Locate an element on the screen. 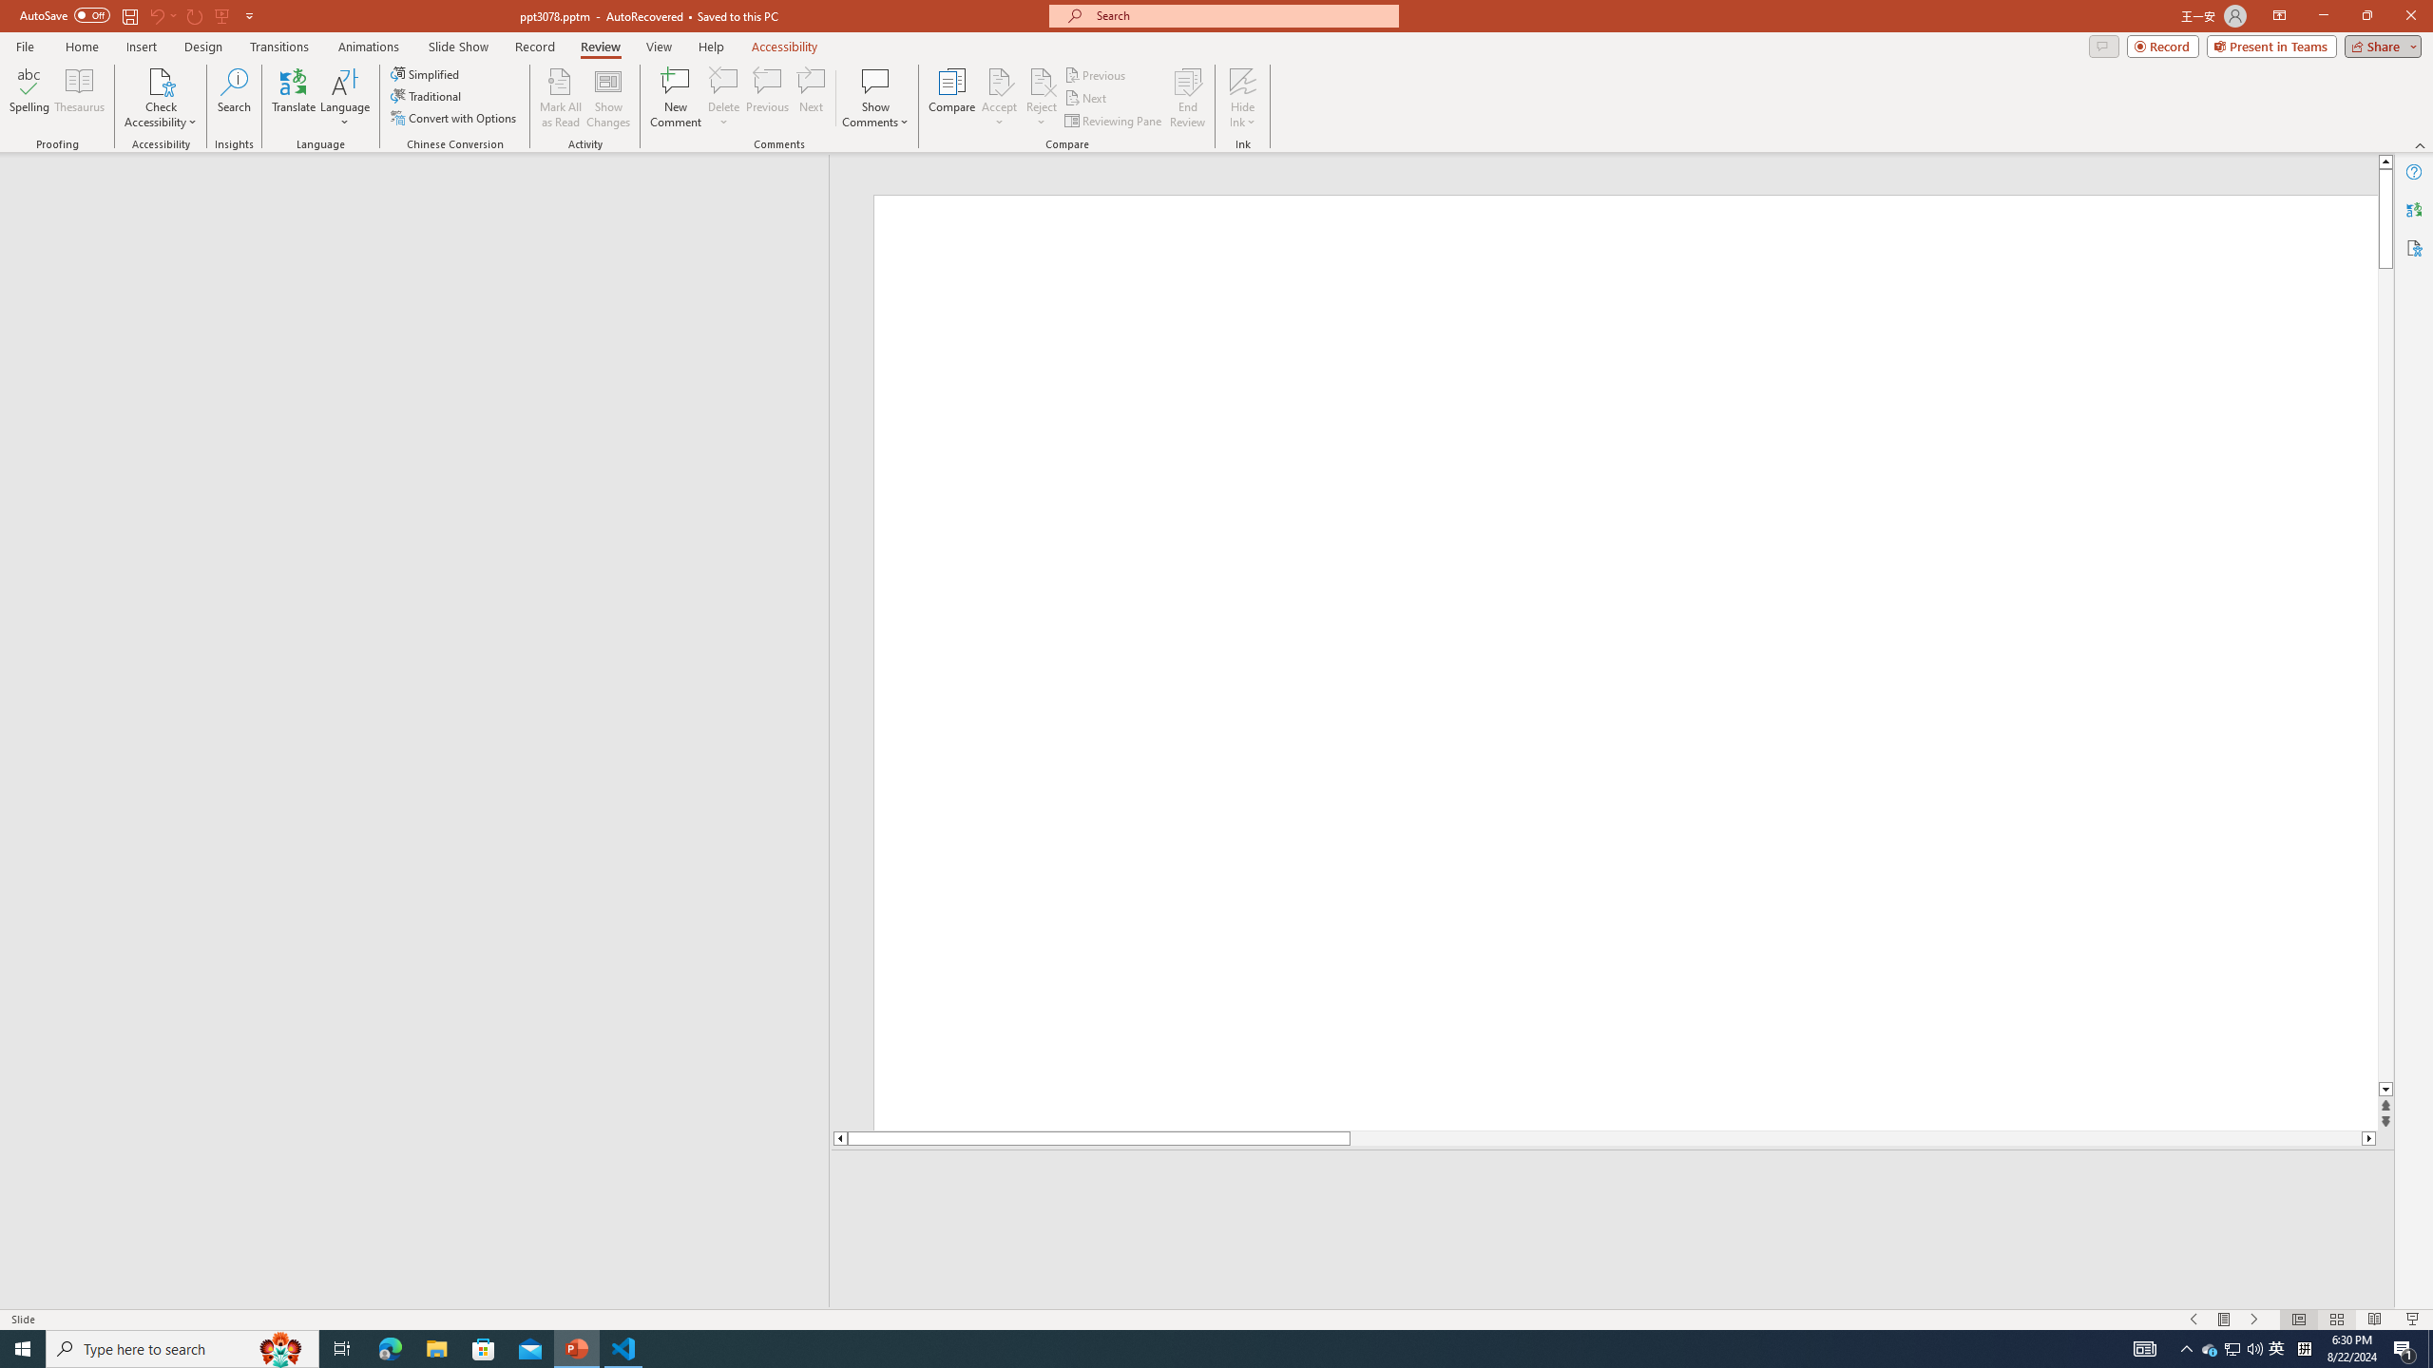 This screenshot has width=2433, height=1368. 'Outline' is located at coordinates (422, 192).